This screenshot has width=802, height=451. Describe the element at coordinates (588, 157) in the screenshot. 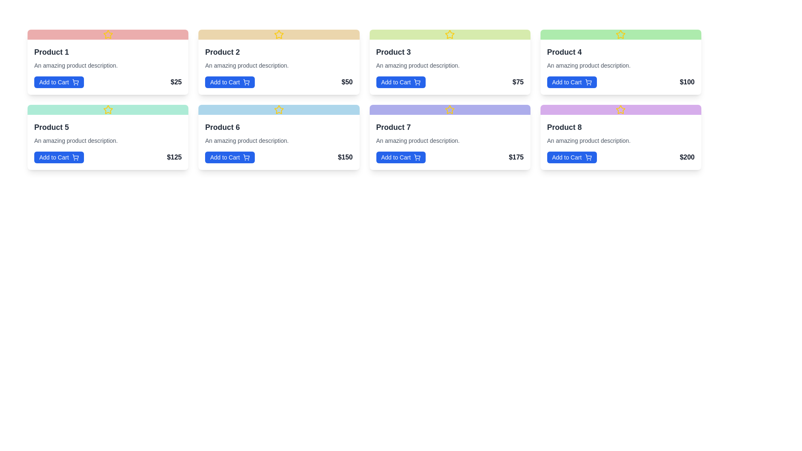

I see `the shopping cart icon within the 'Add to Cart' button for 'Product 8', which is styled in blue and has a minimalist outline` at that location.